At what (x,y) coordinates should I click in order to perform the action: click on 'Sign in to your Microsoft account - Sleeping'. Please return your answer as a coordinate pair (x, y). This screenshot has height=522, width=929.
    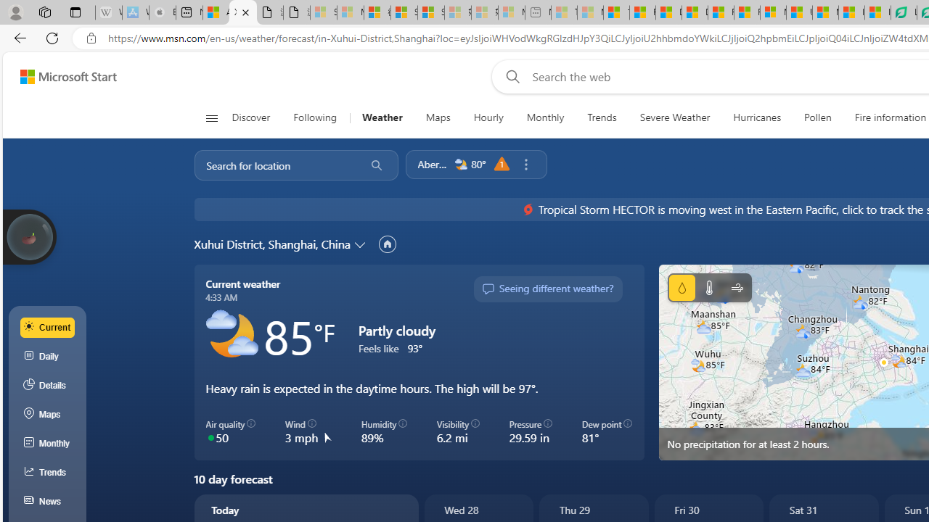
    Looking at the image, I should click on (323, 12).